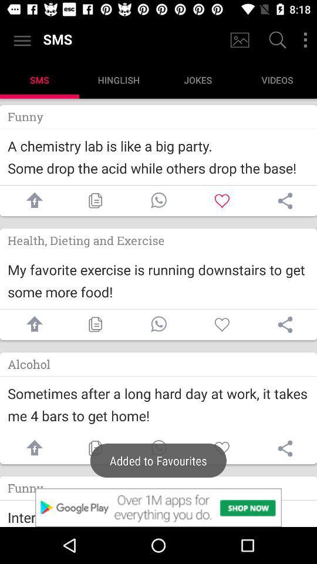  What do you see at coordinates (158, 448) in the screenshot?
I see `added to favourites` at bounding box center [158, 448].